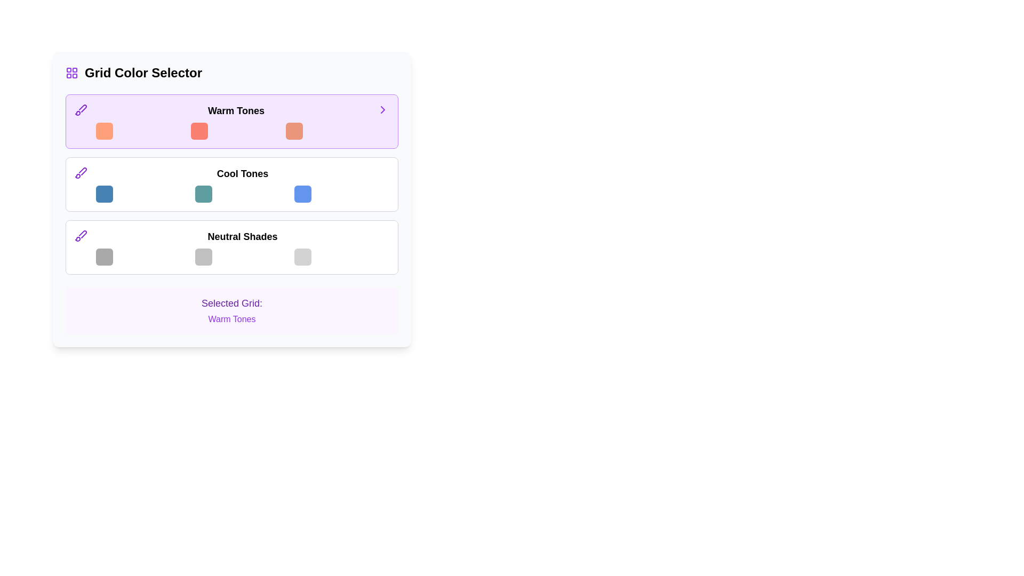 This screenshot has width=1024, height=576. Describe the element at coordinates (242, 247) in the screenshot. I see `the individual color buttons within the 'Neutral Shades' Labeled Color Selection Grid, which contains three square buttons filled with different neutral shades of gray` at that location.